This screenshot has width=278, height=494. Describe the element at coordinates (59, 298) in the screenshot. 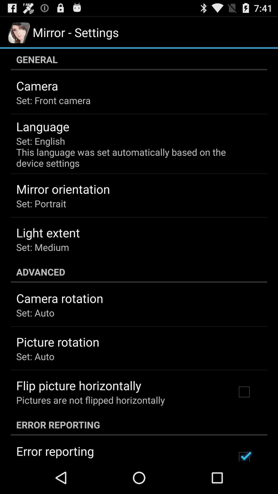

I see `icon above the set: auto icon` at that location.